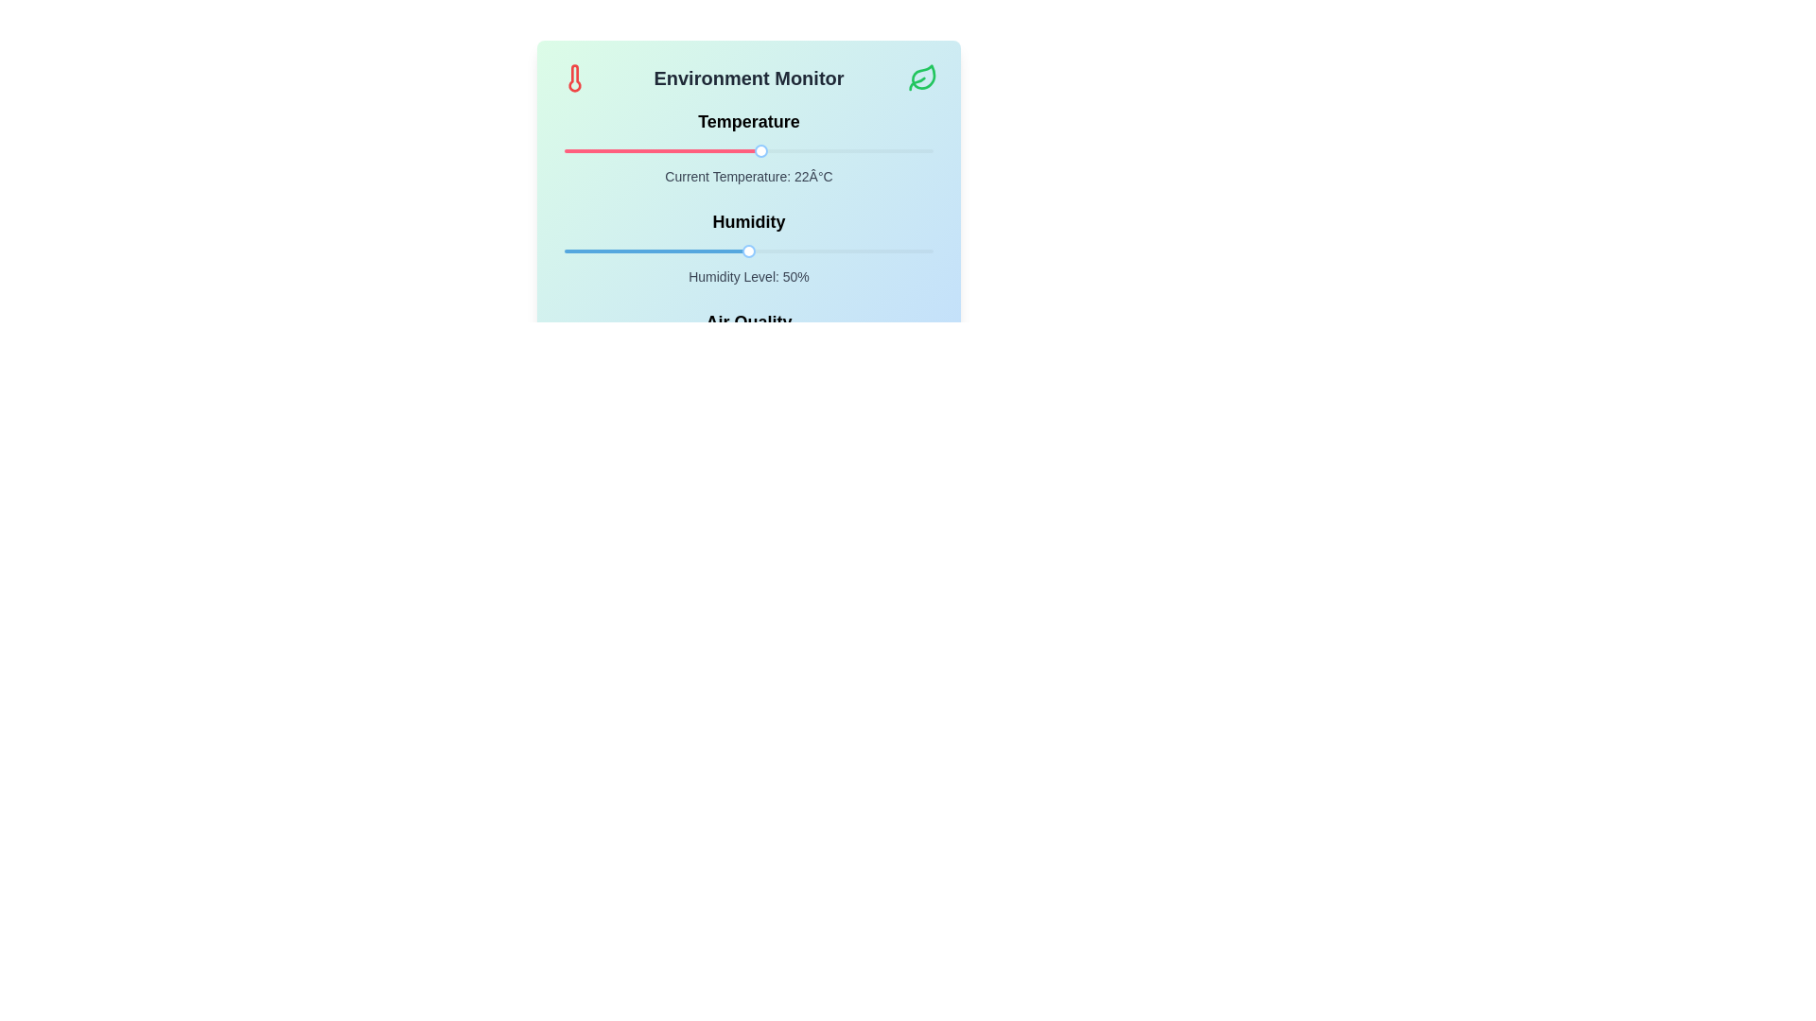 This screenshot has width=1816, height=1021. I want to click on slider value, so click(675, 251).